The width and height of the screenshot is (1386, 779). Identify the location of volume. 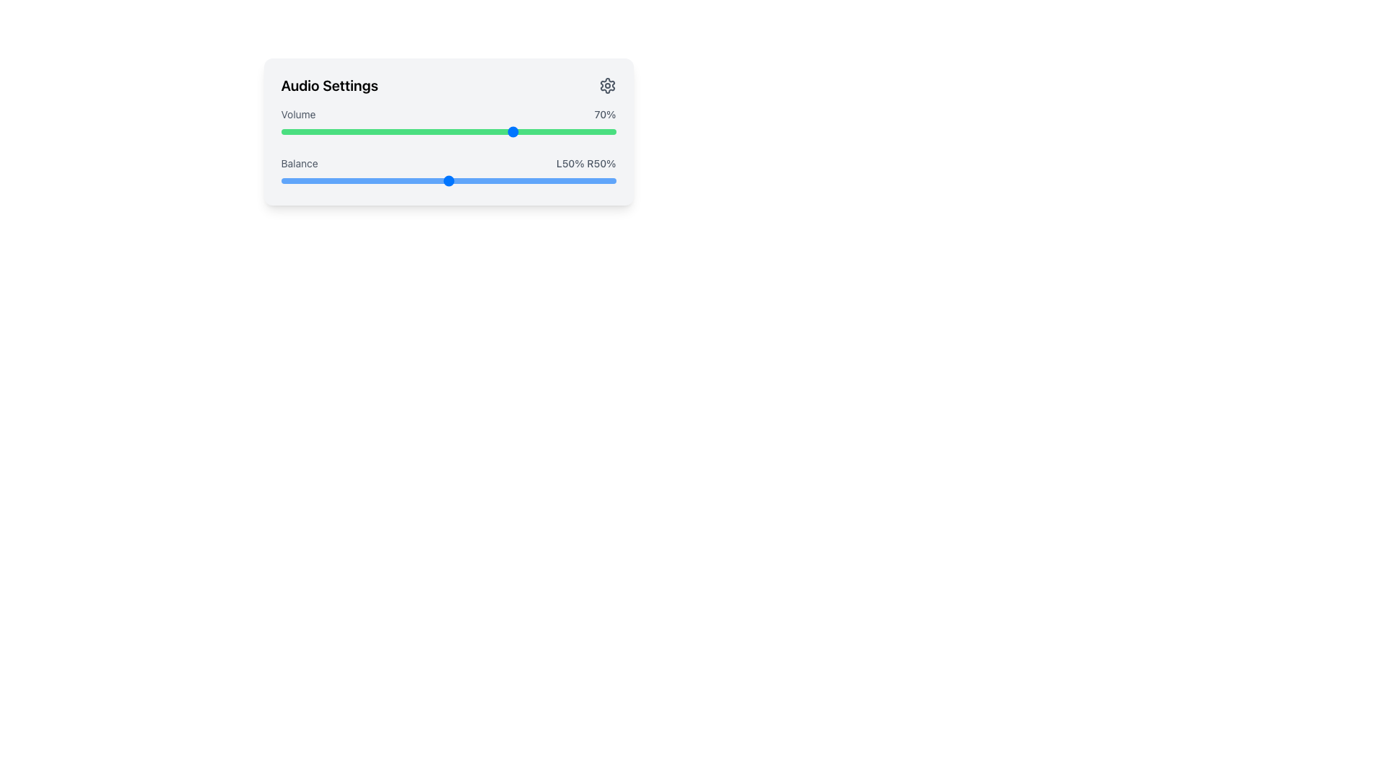
(434, 131).